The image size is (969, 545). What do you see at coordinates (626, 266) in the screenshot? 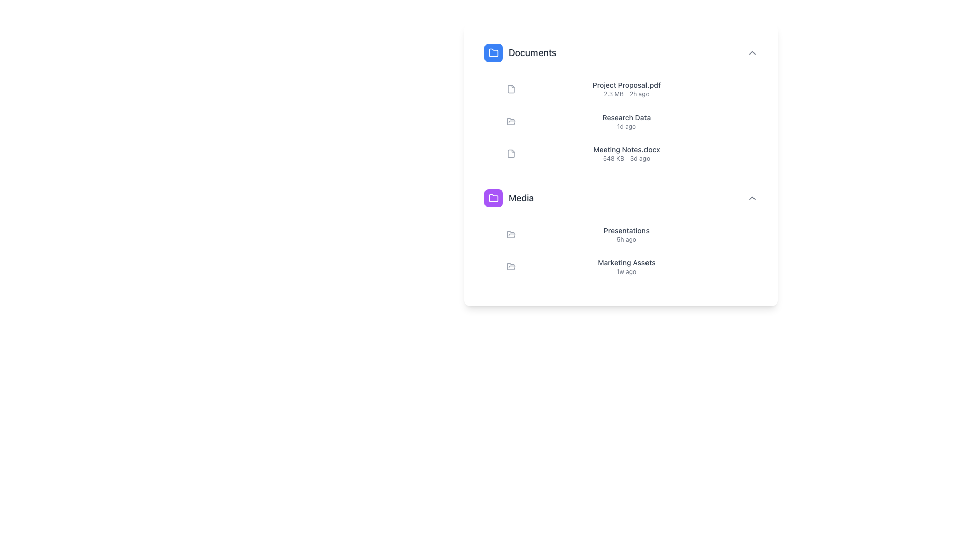
I see `the 'Marketing Assets' text element, which is the second item under the 'Media' category in the list` at bounding box center [626, 266].